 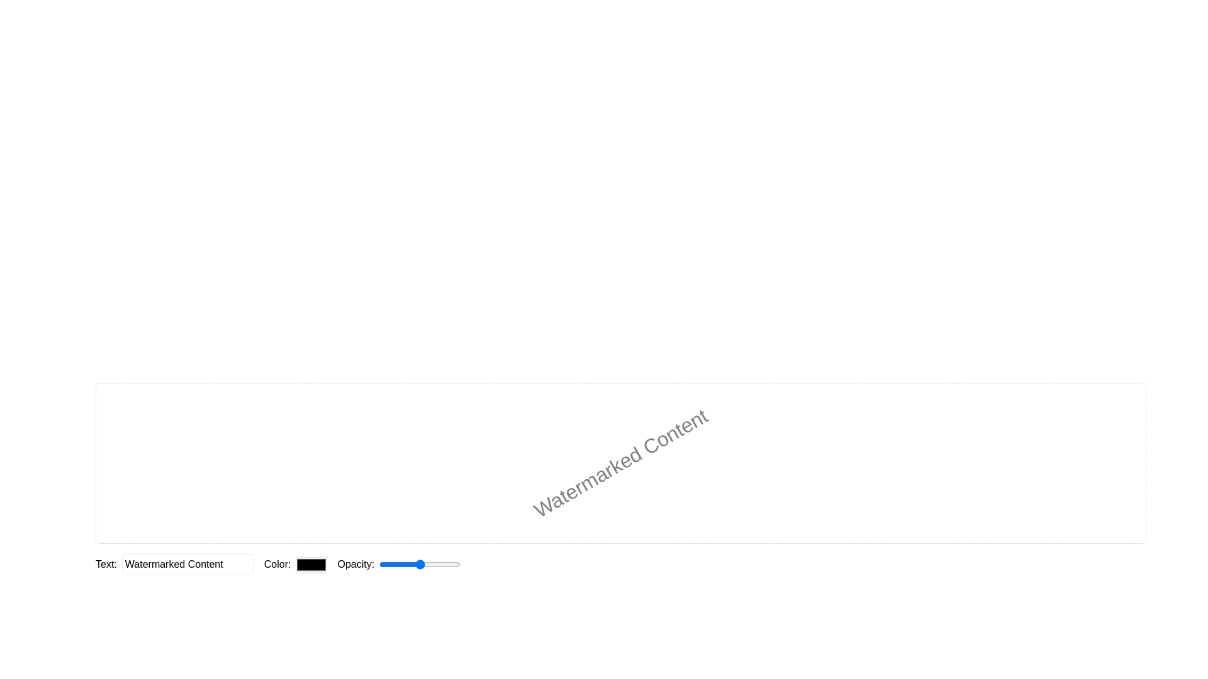 What do you see at coordinates (403, 564) in the screenshot?
I see `opacity` at bounding box center [403, 564].